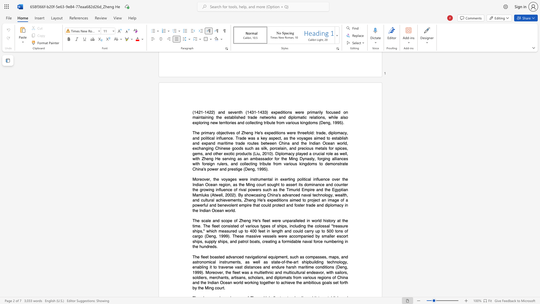  I want to click on the space between the continuous character "e" and "l" in the text, so click(257, 262).